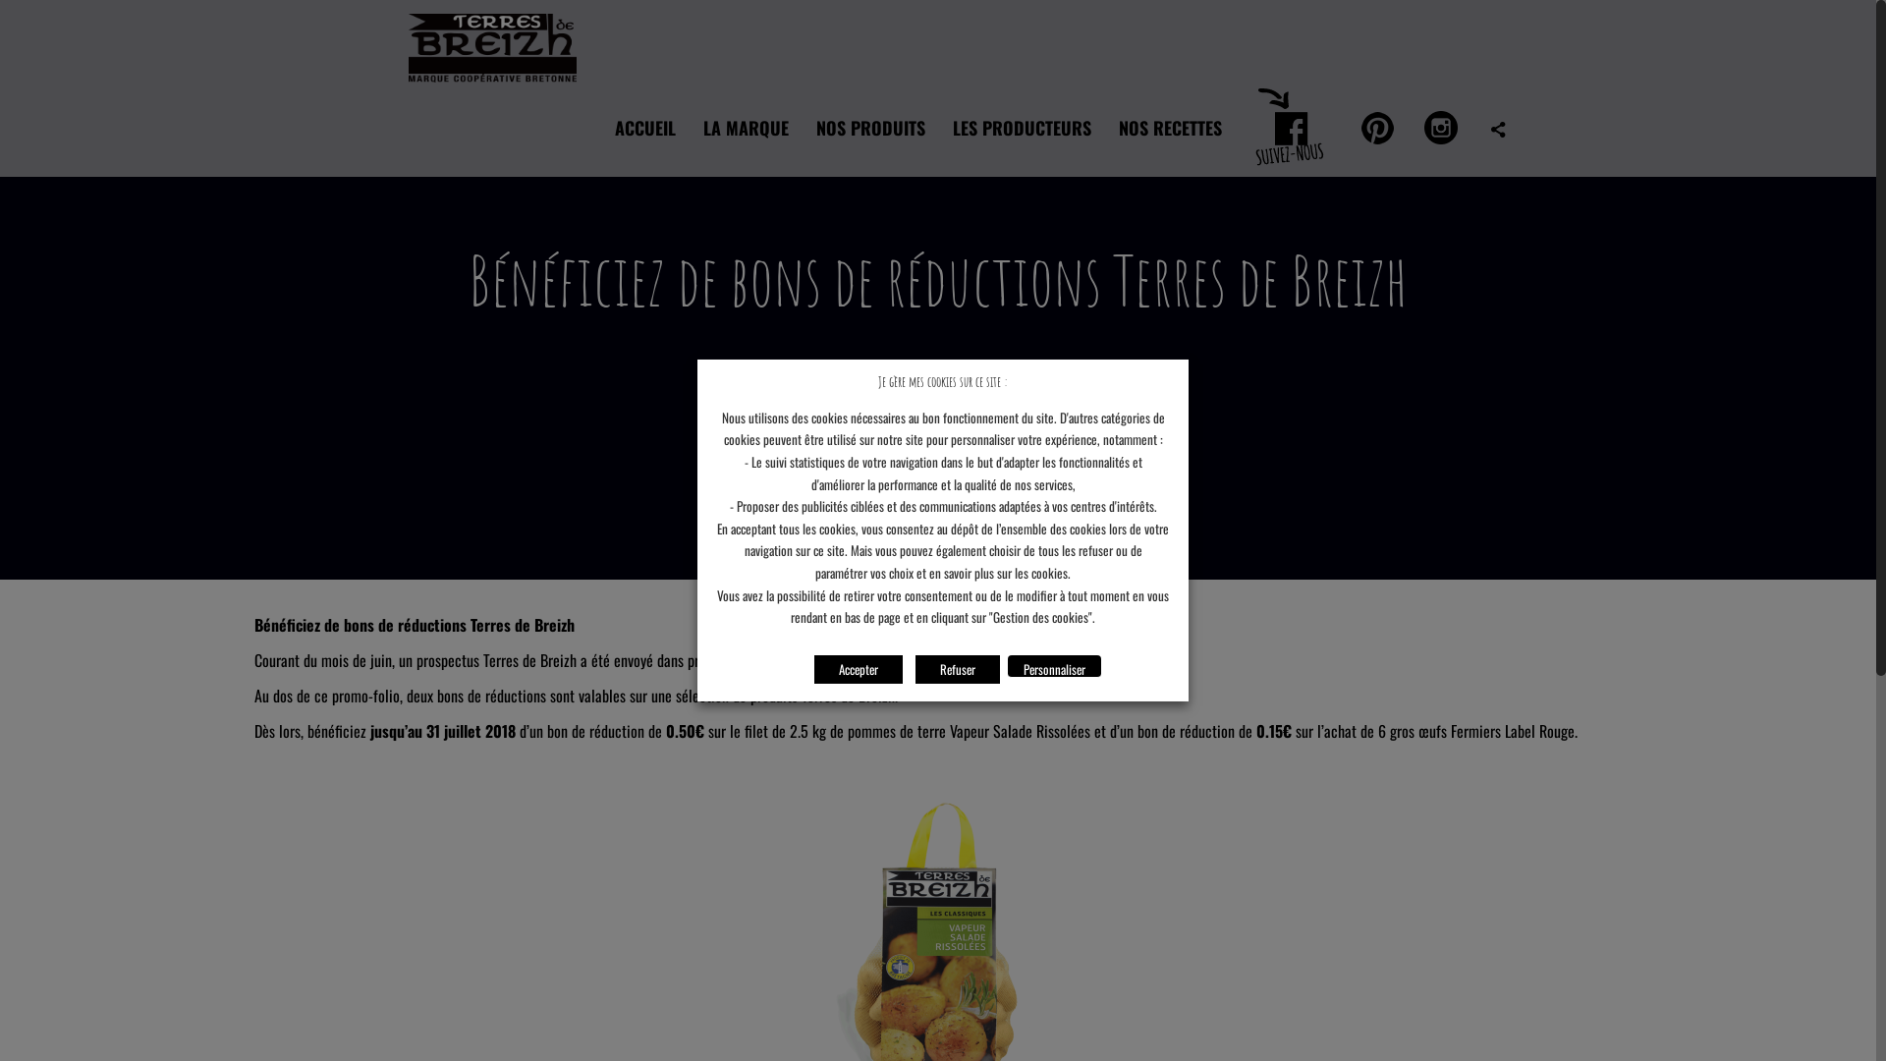  Describe the element at coordinates (745, 128) in the screenshot. I see `'LA MARQUE'` at that location.